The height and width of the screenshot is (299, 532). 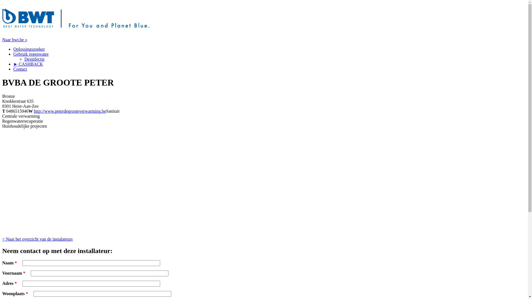 I want to click on 'Home', so click(x=2, y=30).